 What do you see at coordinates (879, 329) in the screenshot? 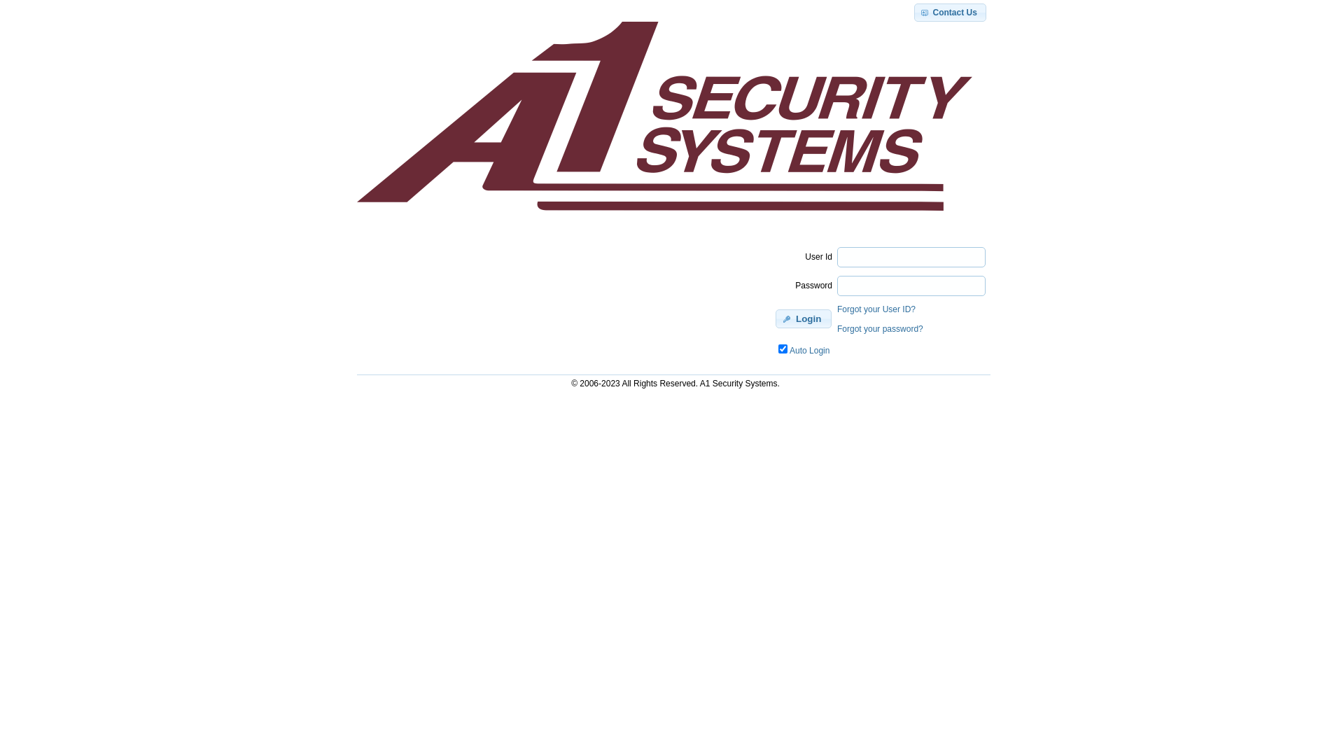
I see `'Forgot your password?'` at bounding box center [879, 329].